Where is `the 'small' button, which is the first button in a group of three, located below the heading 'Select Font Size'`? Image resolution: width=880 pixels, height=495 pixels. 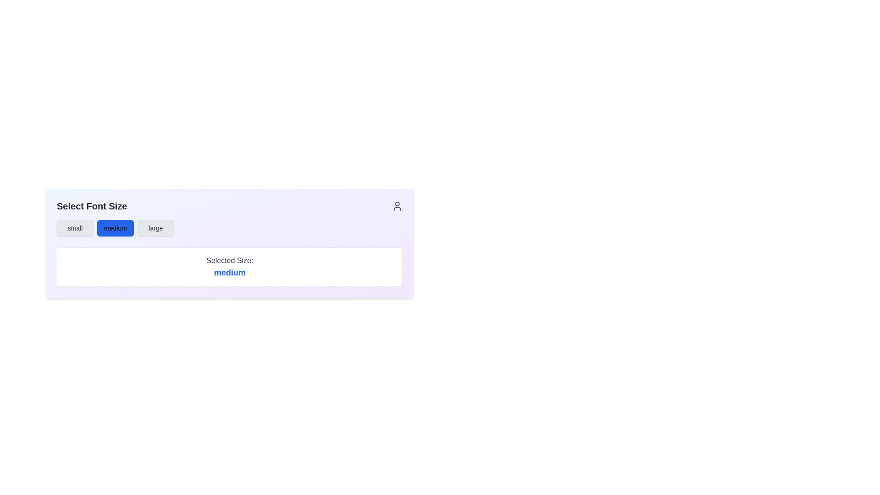
the 'small' button, which is the first button in a group of three, located below the heading 'Select Font Size' is located at coordinates (75, 227).